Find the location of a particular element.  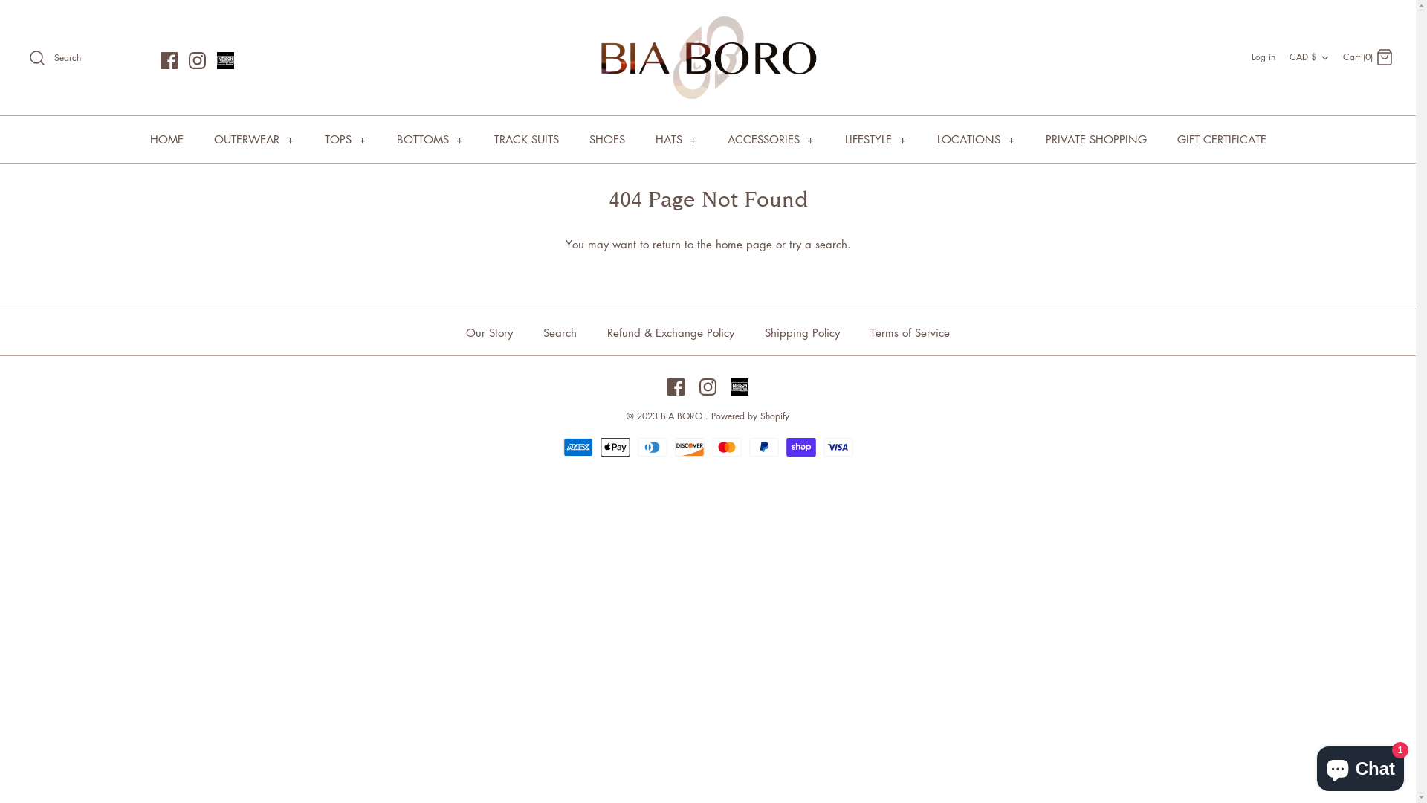

'Powered by Shopify' is located at coordinates (750, 416).